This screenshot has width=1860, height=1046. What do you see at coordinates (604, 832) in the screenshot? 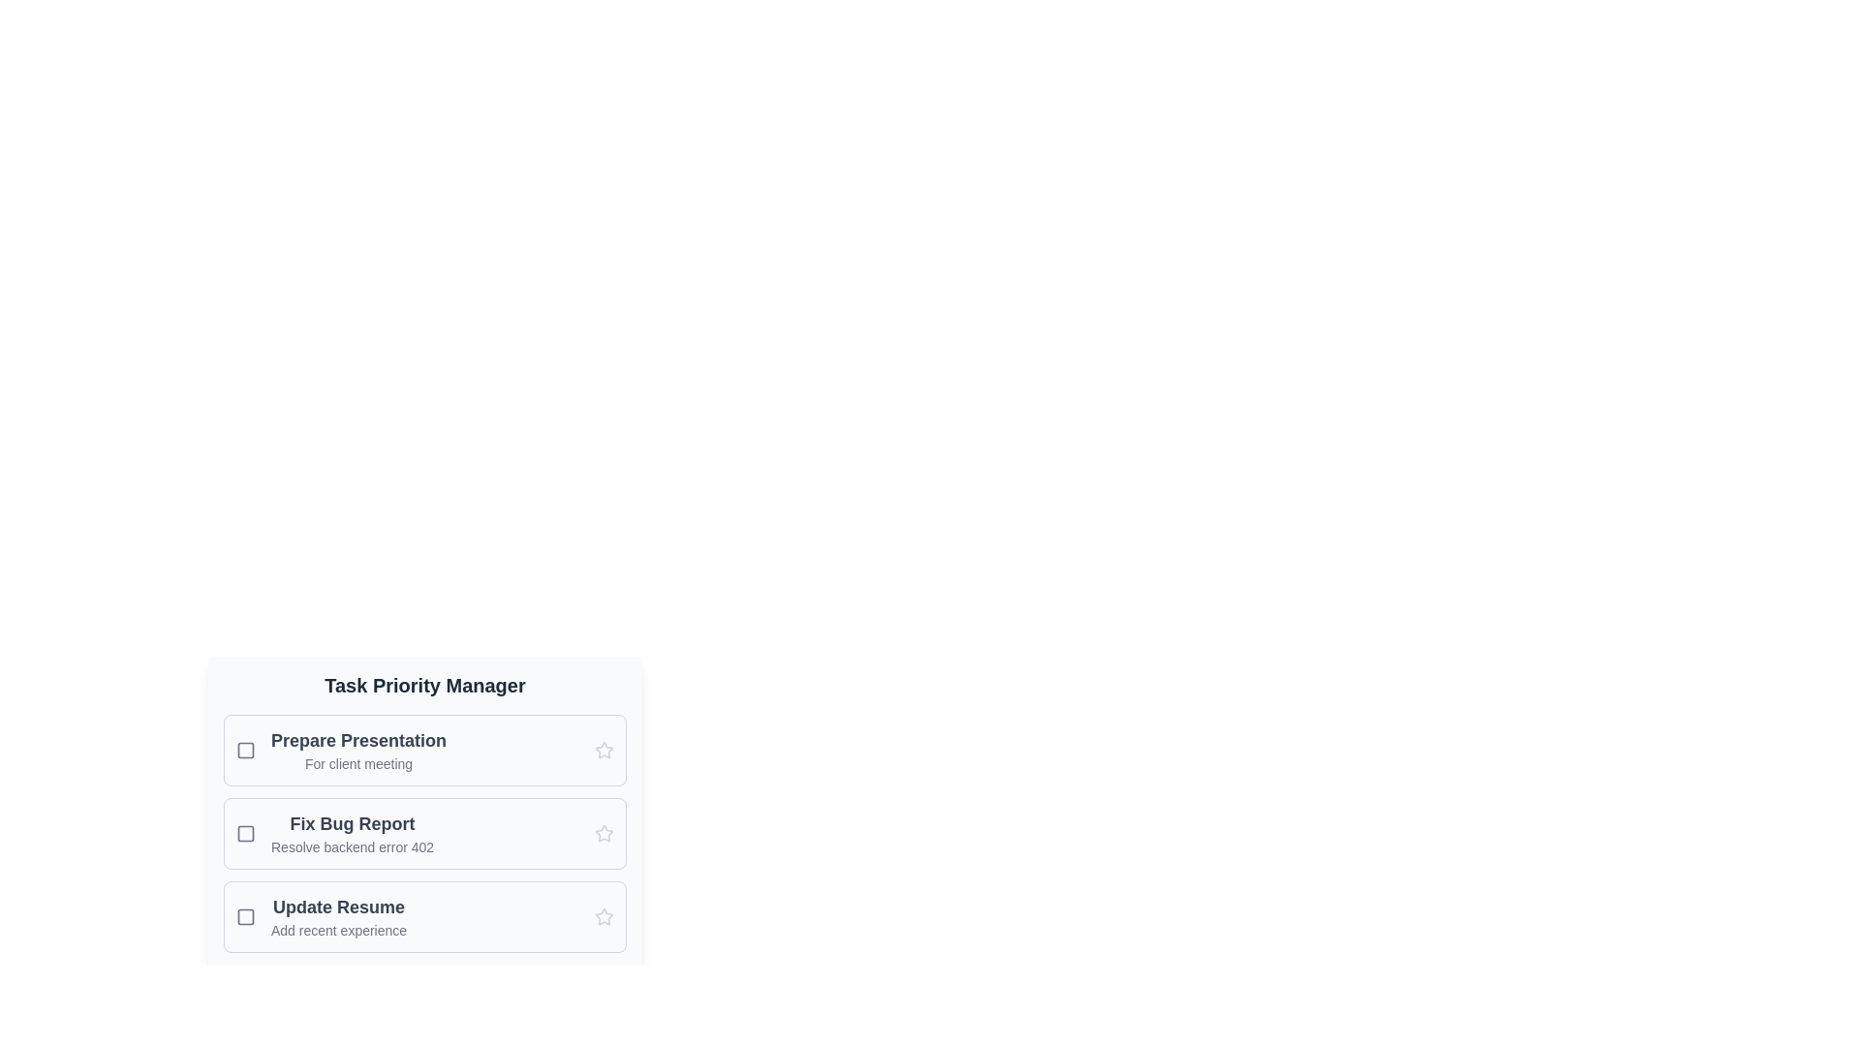
I see `the star-shaped icon located at the far right end of the task entry panel labeled 'Fix Bug Report Resolve backend error 402'` at bounding box center [604, 832].